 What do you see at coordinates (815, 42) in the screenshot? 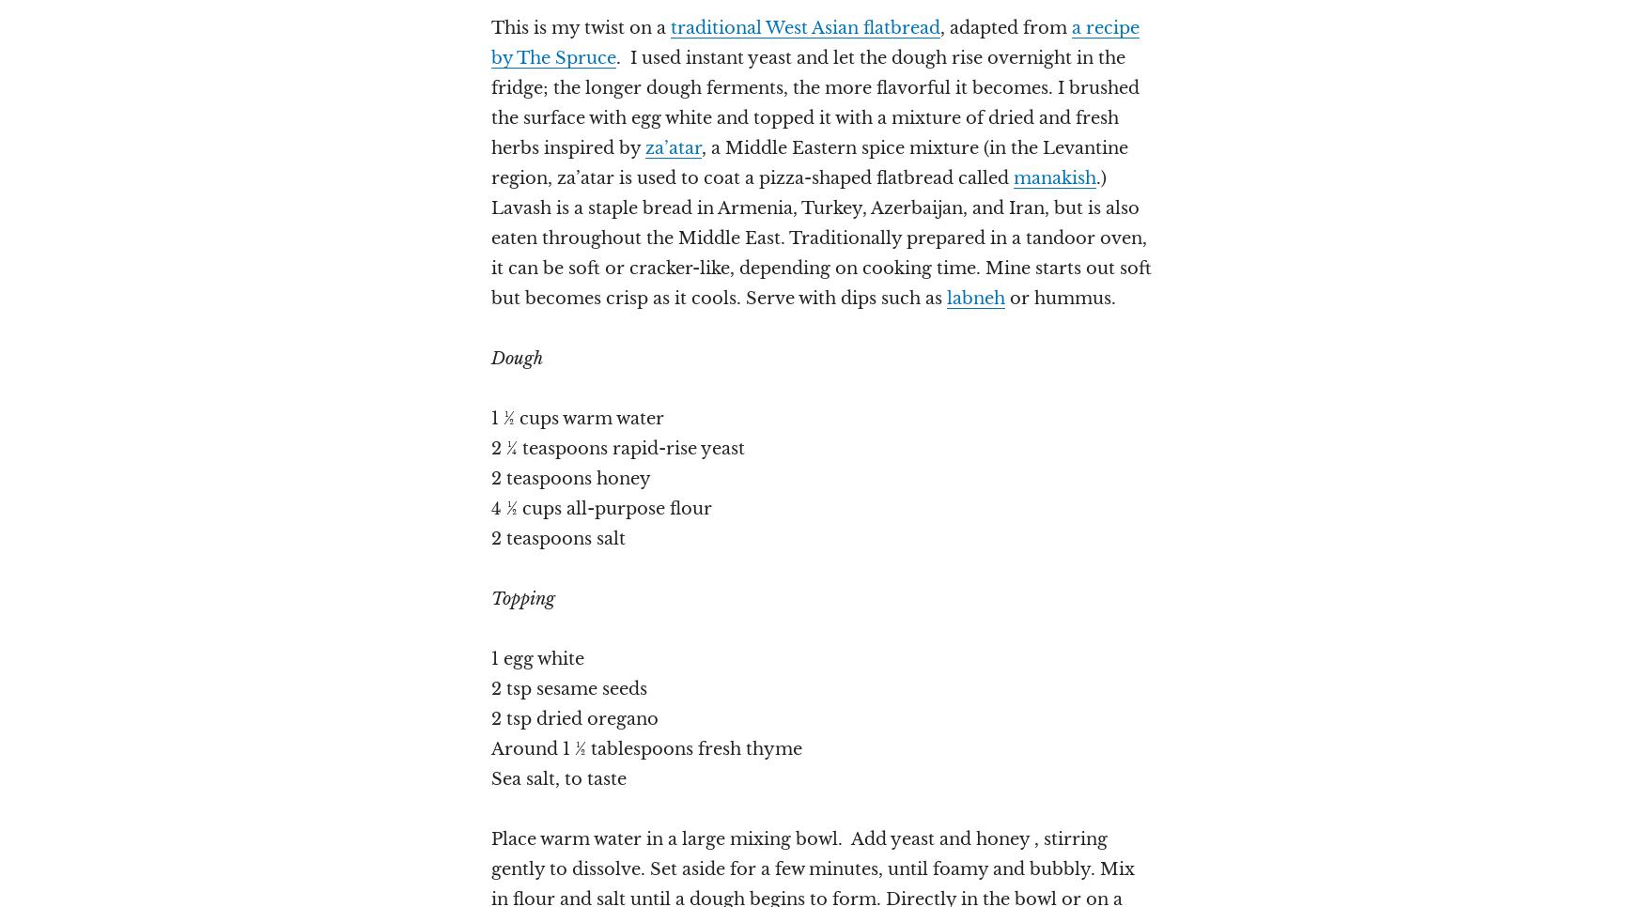
I see `'a recipe by The Spruce'` at bounding box center [815, 42].